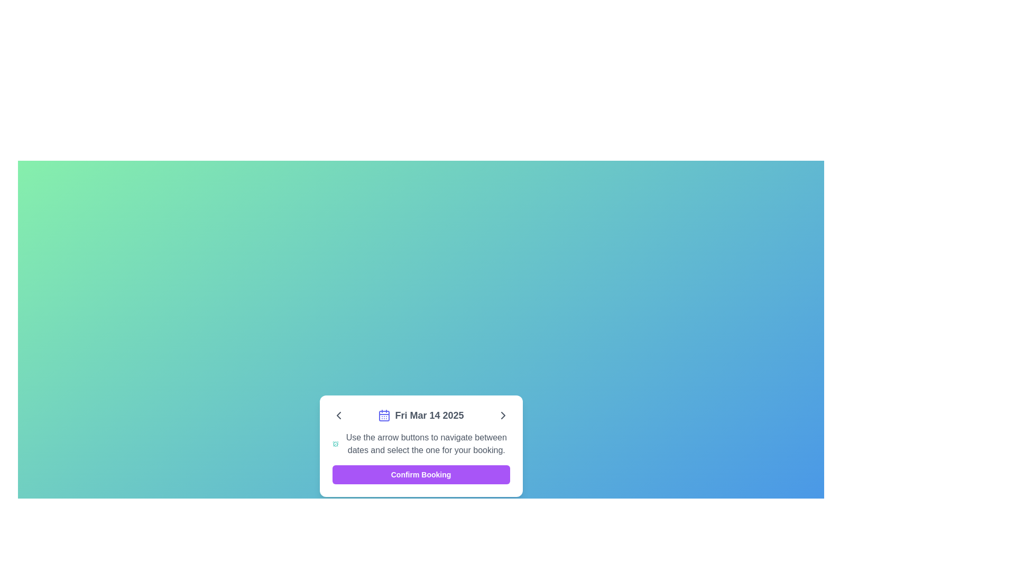 The image size is (1015, 571). Describe the element at coordinates (420, 415) in the screenshot. I see `the label displaying the date 'Fri Mar 14 2025' with an indigo calendar icon, which is the second element from the left in a pop-up dialog box` at that location.